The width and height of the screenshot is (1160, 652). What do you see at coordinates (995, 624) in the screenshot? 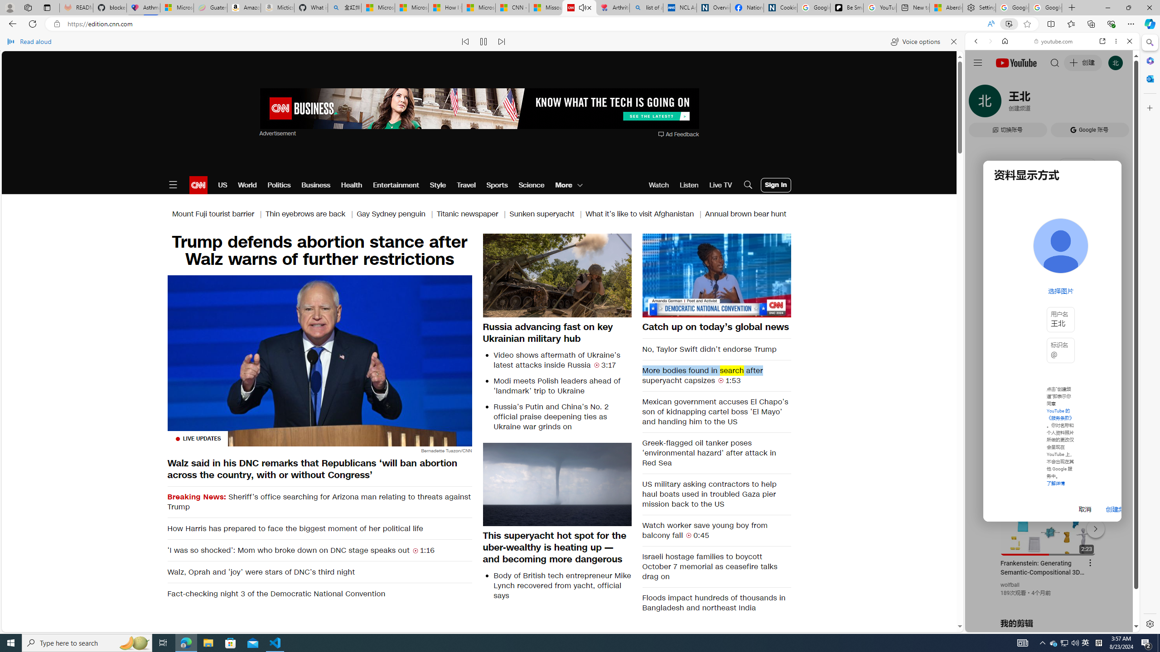
I see `'US[ju]'` at bounding box center [995, 624].